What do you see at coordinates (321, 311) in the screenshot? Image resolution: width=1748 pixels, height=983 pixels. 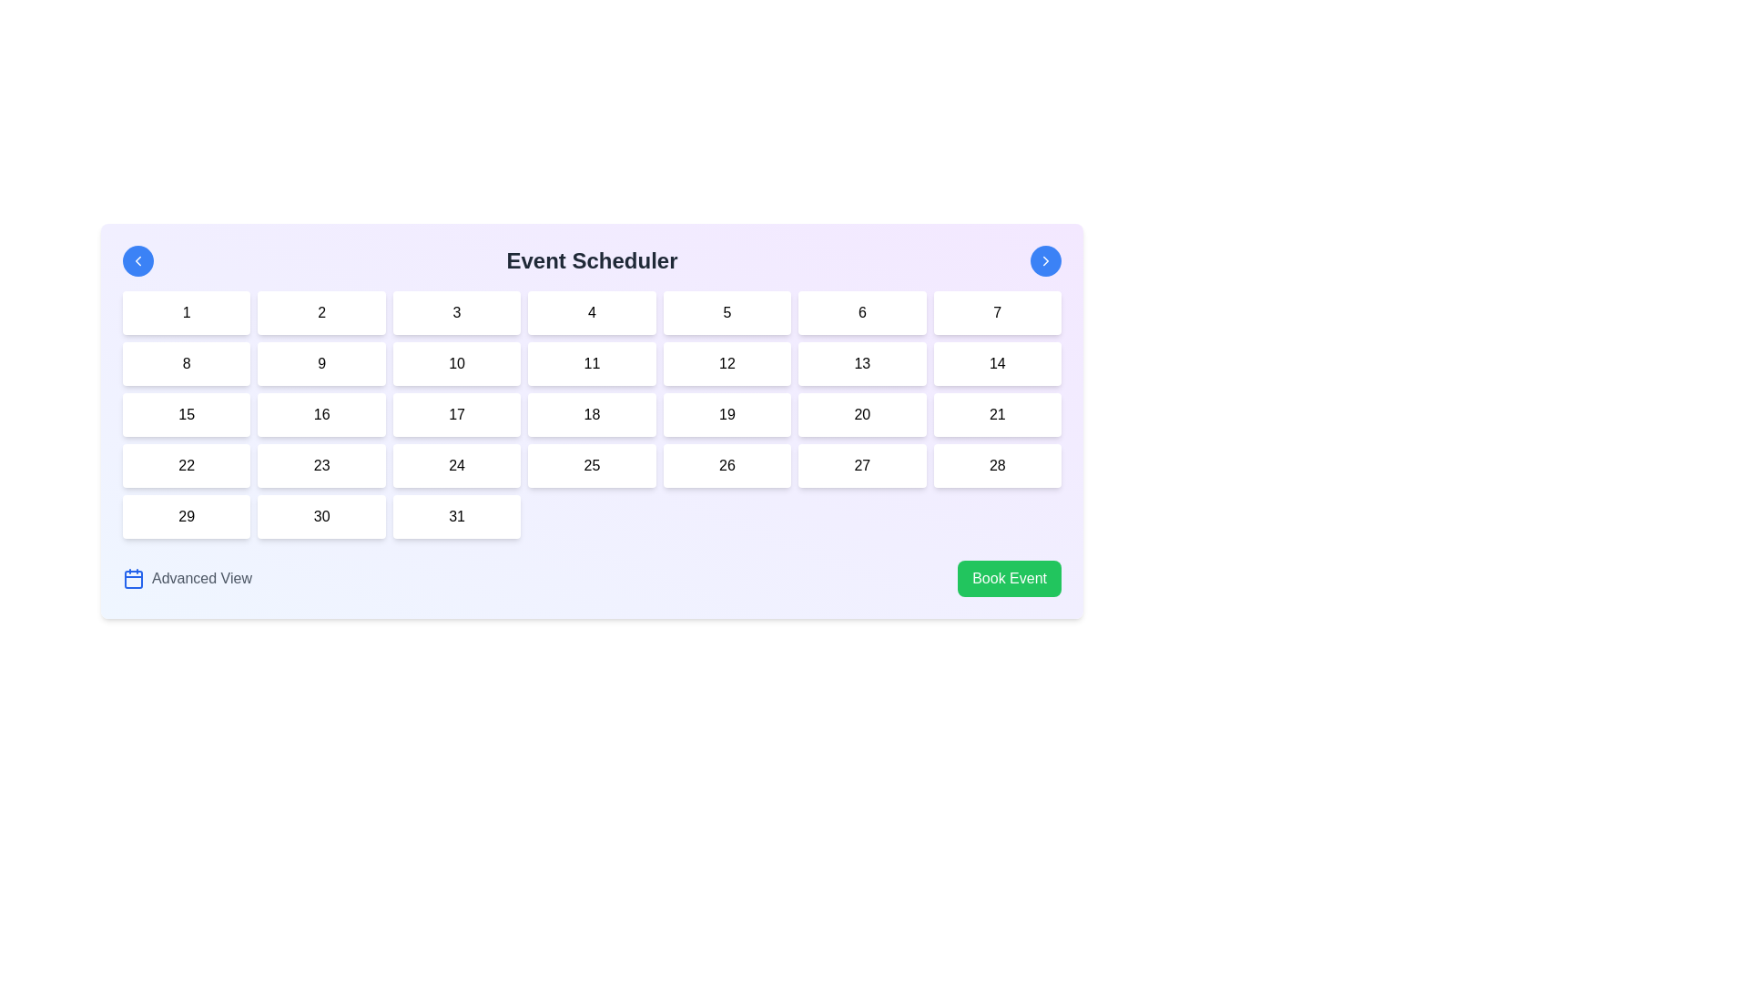 I see `the square button labeled '2' with a white background and black text to observe interactive effects` at bounding box center [321, 311].